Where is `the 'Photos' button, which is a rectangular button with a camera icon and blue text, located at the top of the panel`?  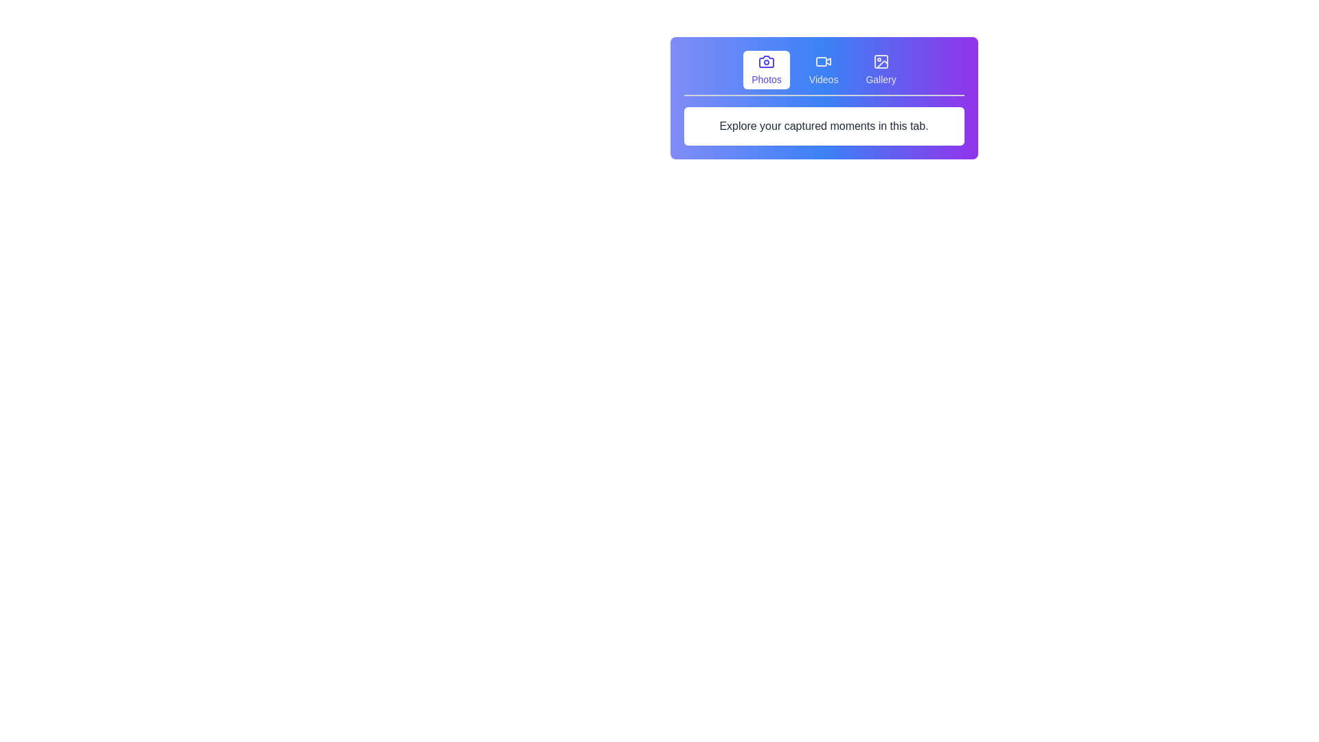
the 'Photos' button, which is a rectangular button with a camera icon and blue text, located at the top of the panel is located at coordinates (766, 69).